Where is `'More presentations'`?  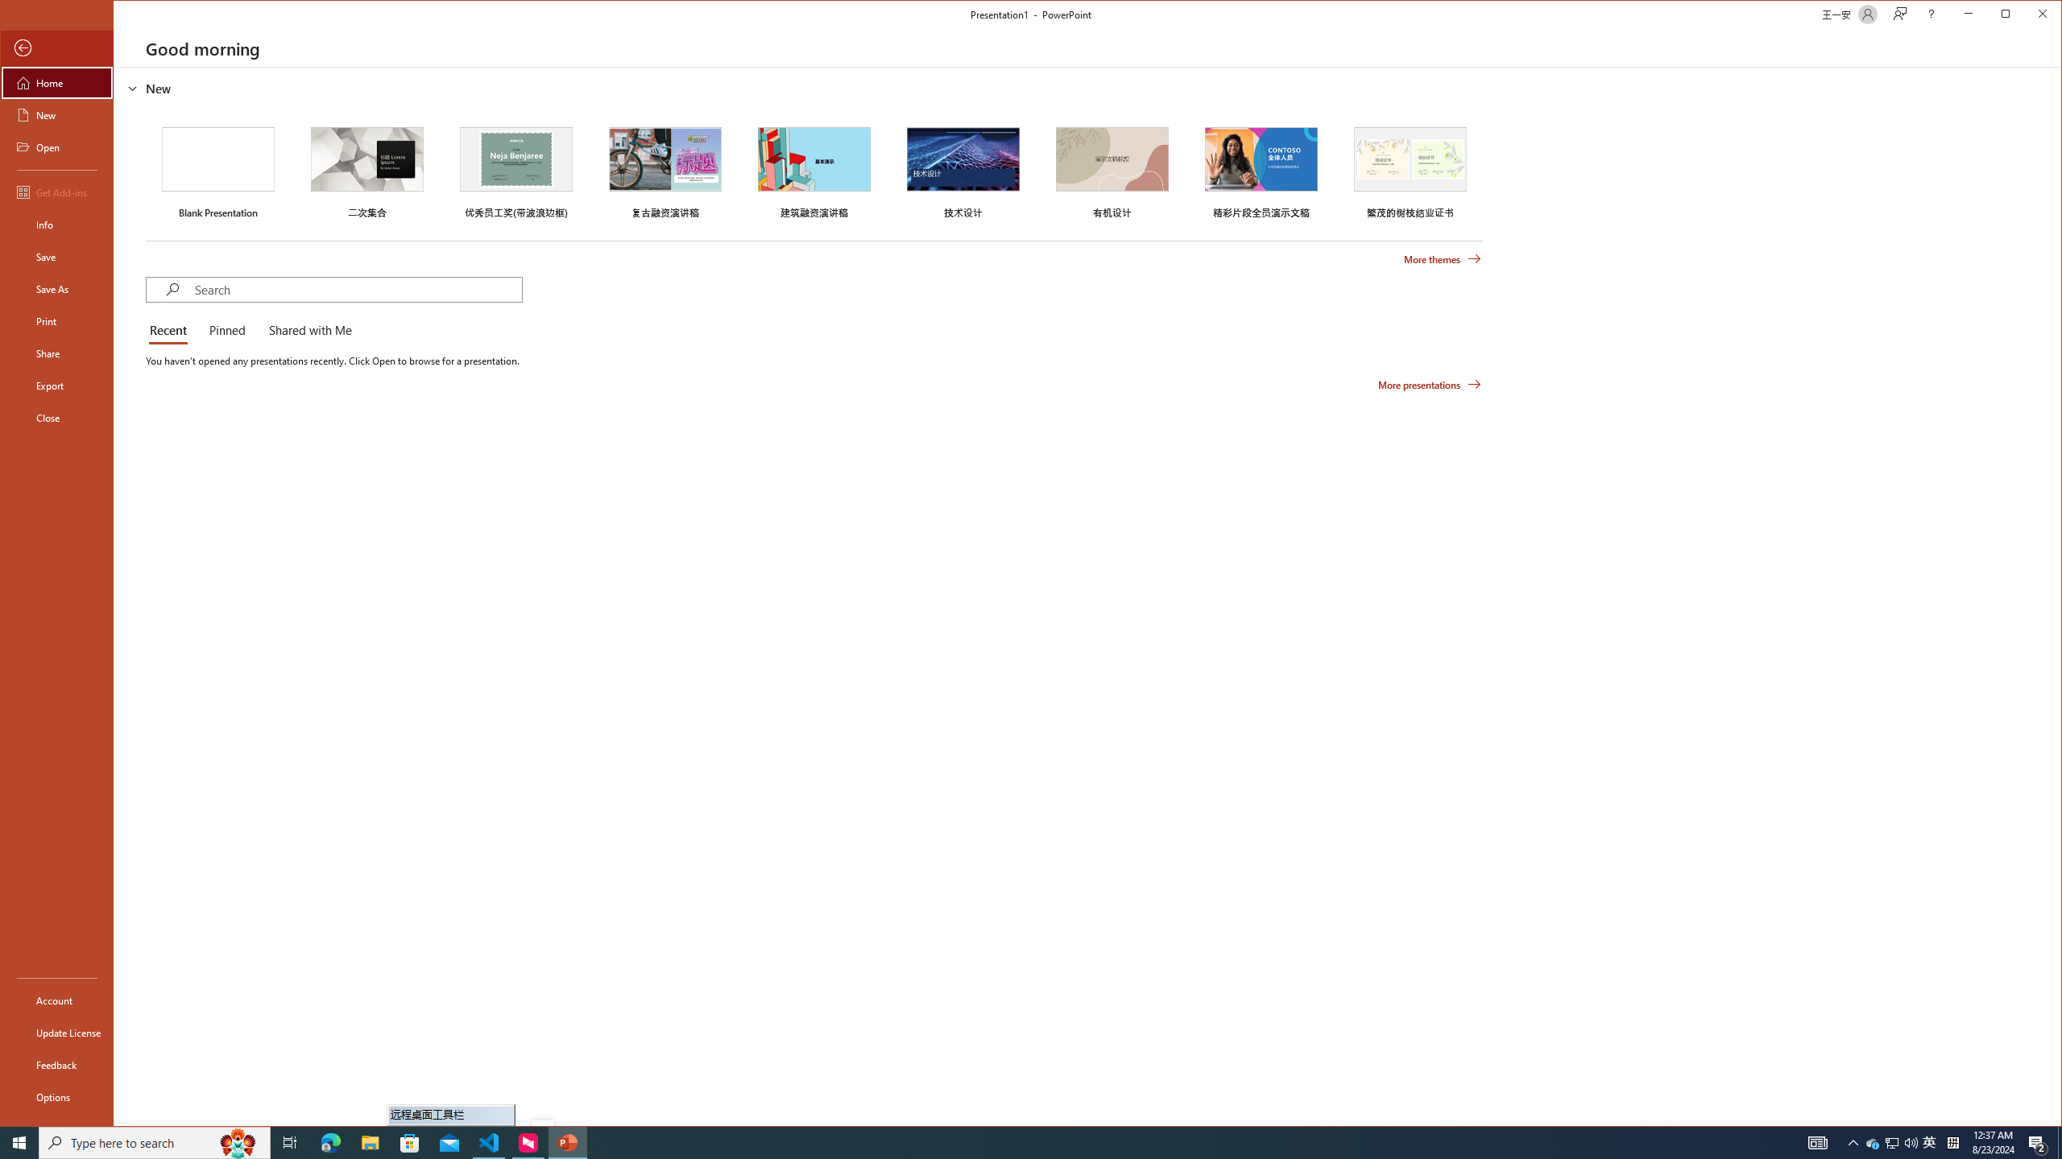
'More presentations' is located at coordinates (1429, 385).